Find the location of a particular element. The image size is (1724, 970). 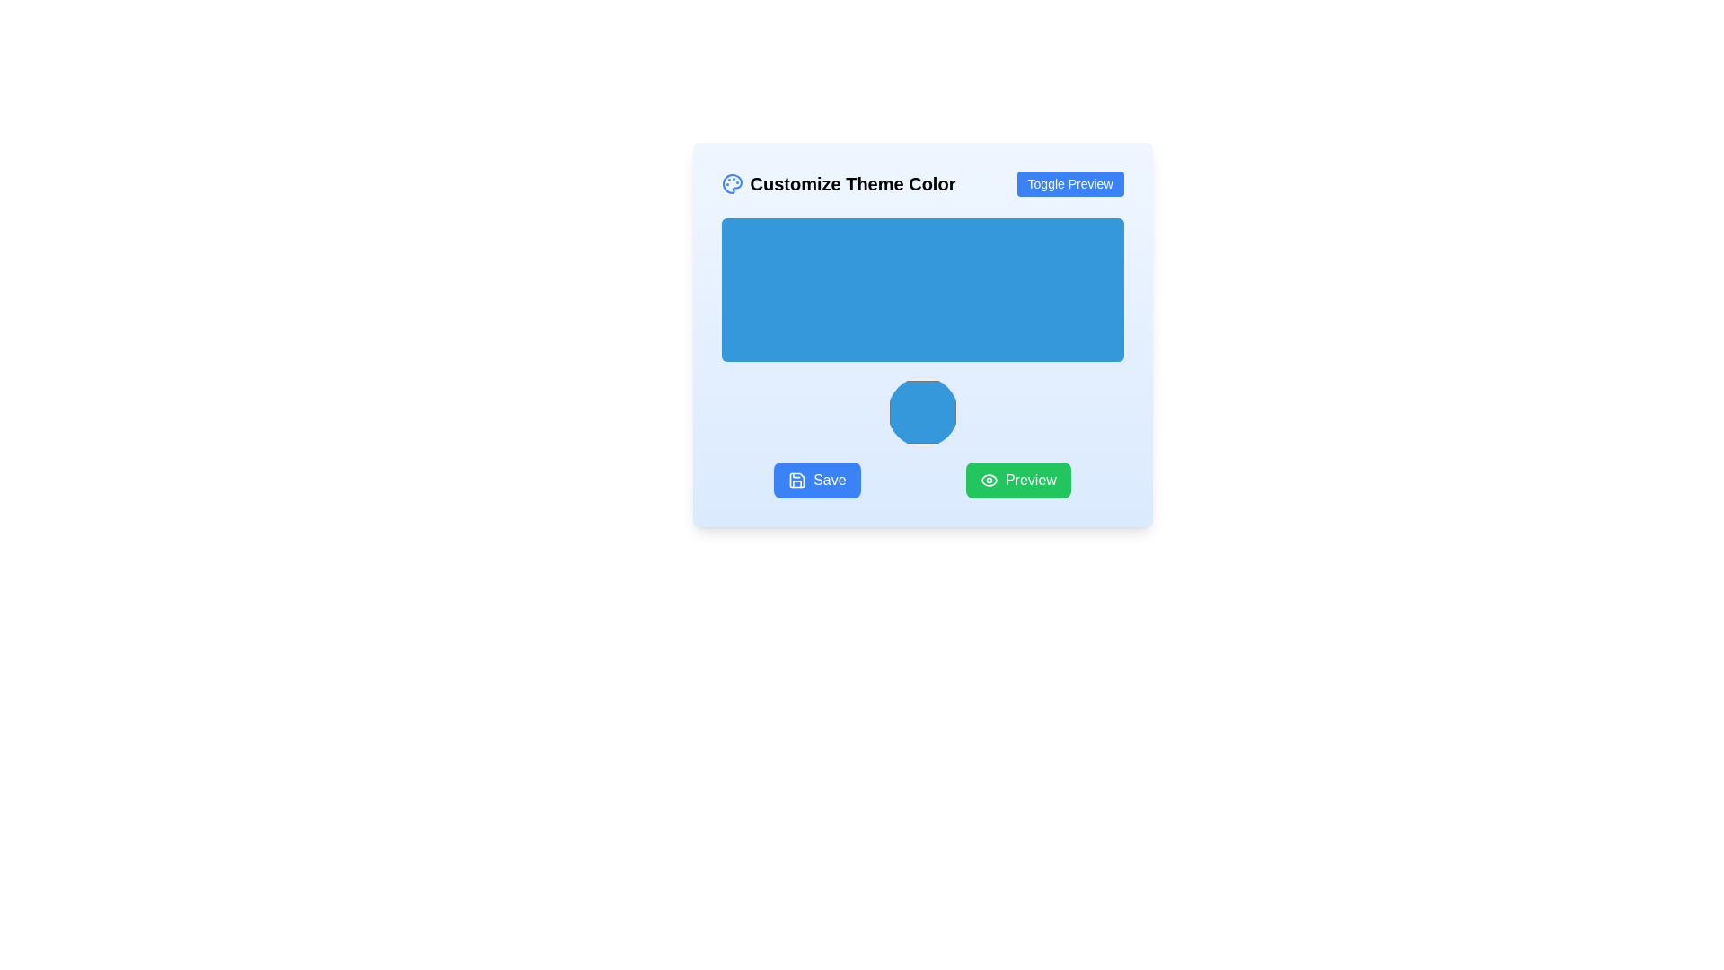

the interactive circular button with a blue color is located at coordinates (922, 412).